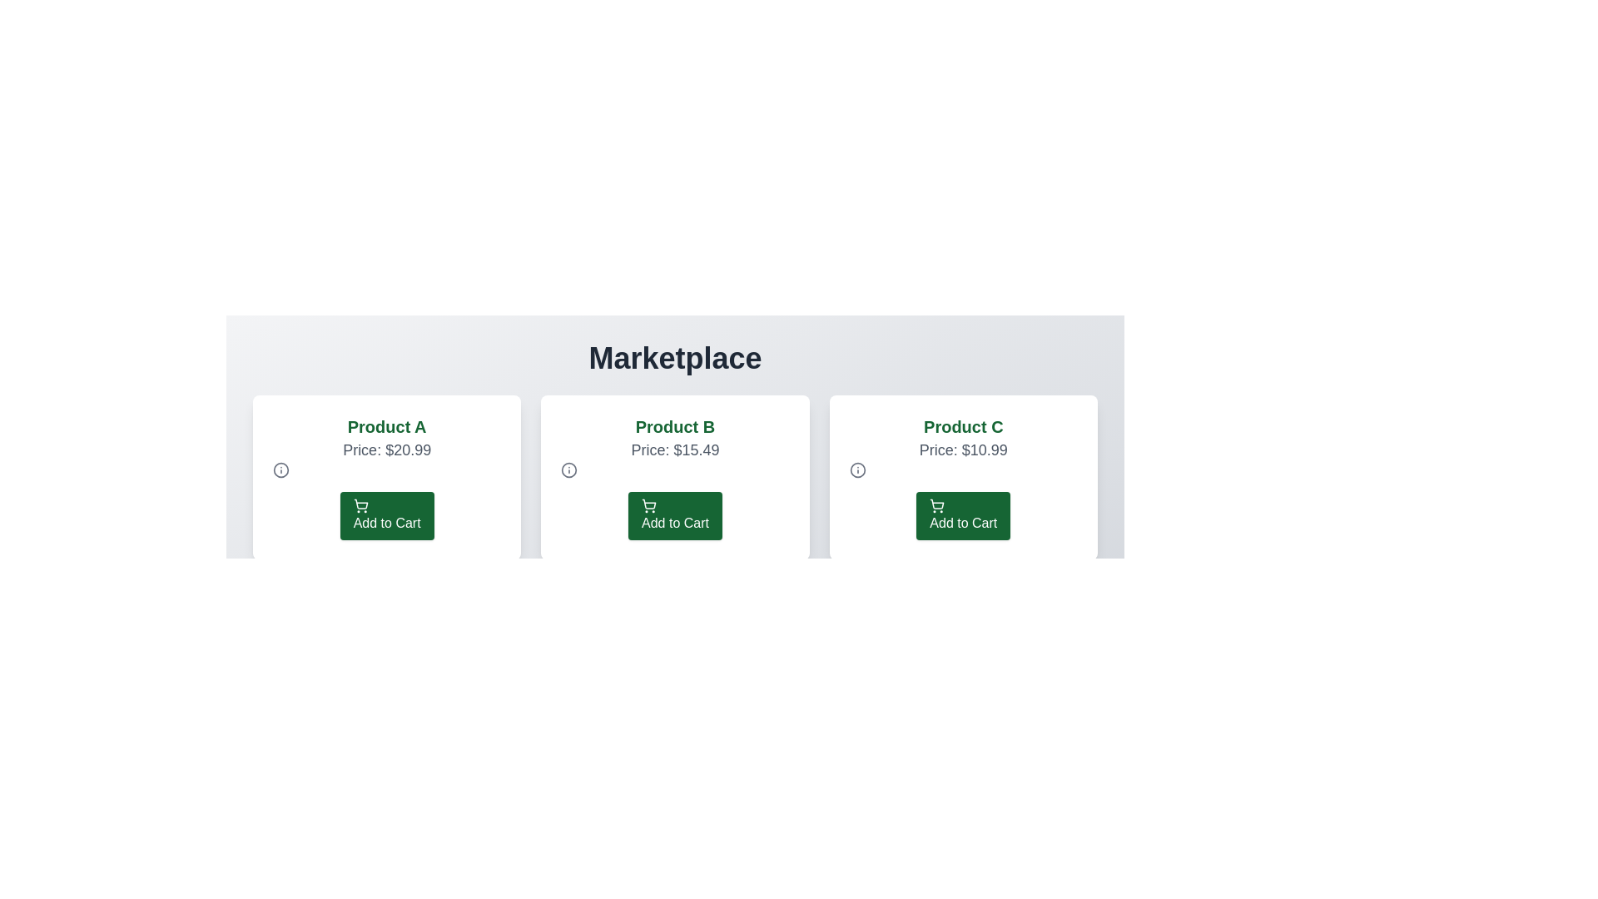 Image resolution: width=1598 pixels, height=899 pixels. I want to click on the informational icon located within the product card for 'Product C', positioned below the price label and above the 'Add to Cart' button, so click(857, 469).